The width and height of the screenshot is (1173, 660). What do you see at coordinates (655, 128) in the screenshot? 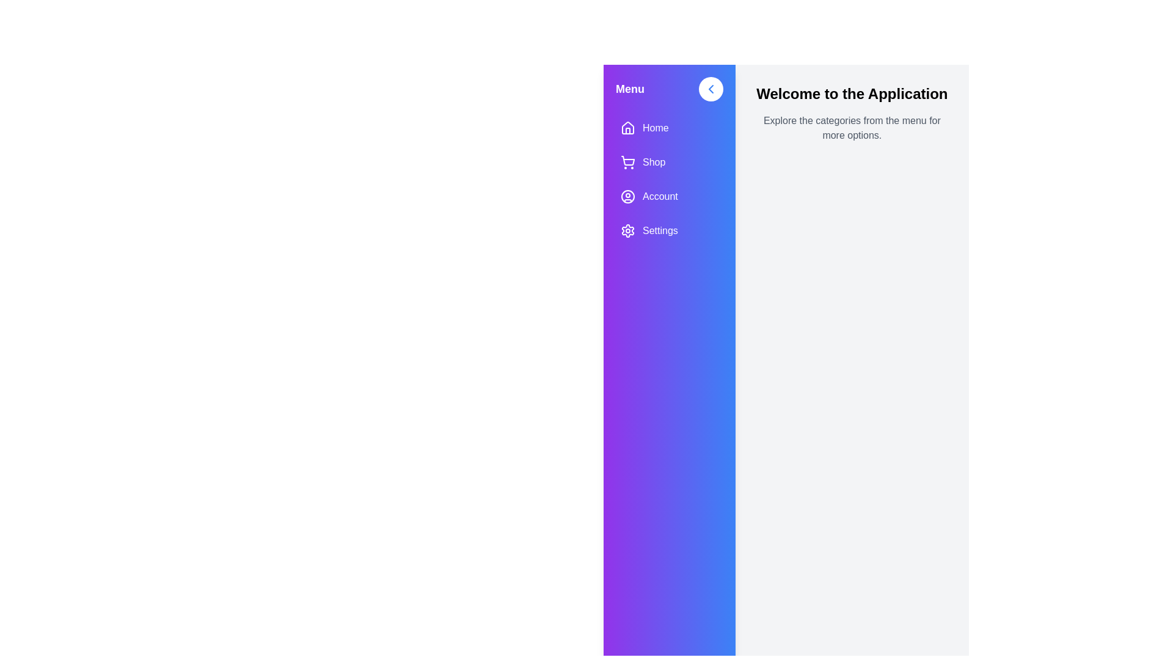
I see `the 'Home' text label in the left sidebar menu, which is displayed in white font and is the first item in the menu list` at bounding box center [655, 128].